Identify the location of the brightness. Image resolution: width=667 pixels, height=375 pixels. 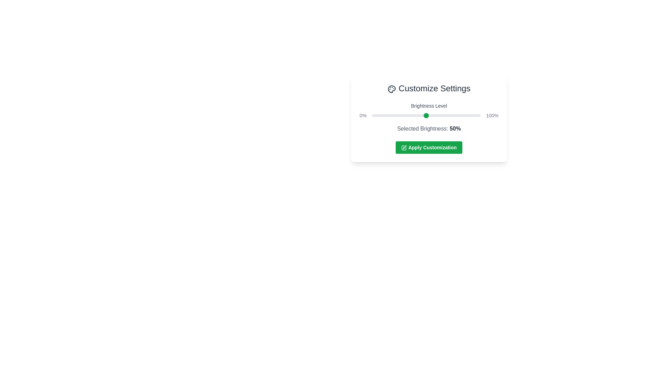
(452, 115).